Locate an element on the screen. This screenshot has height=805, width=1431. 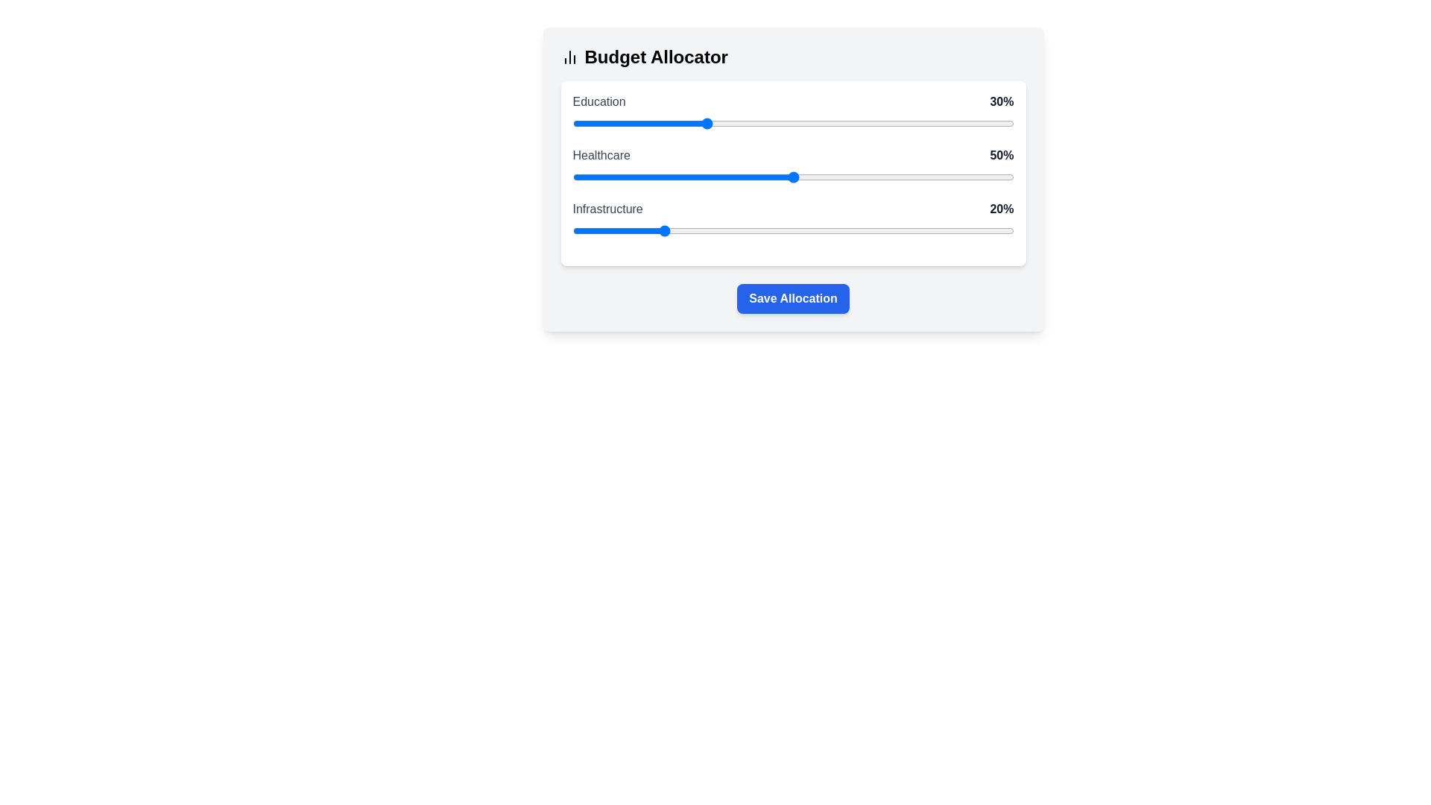
infrastructure allocation is located at coordinates (594, 230).